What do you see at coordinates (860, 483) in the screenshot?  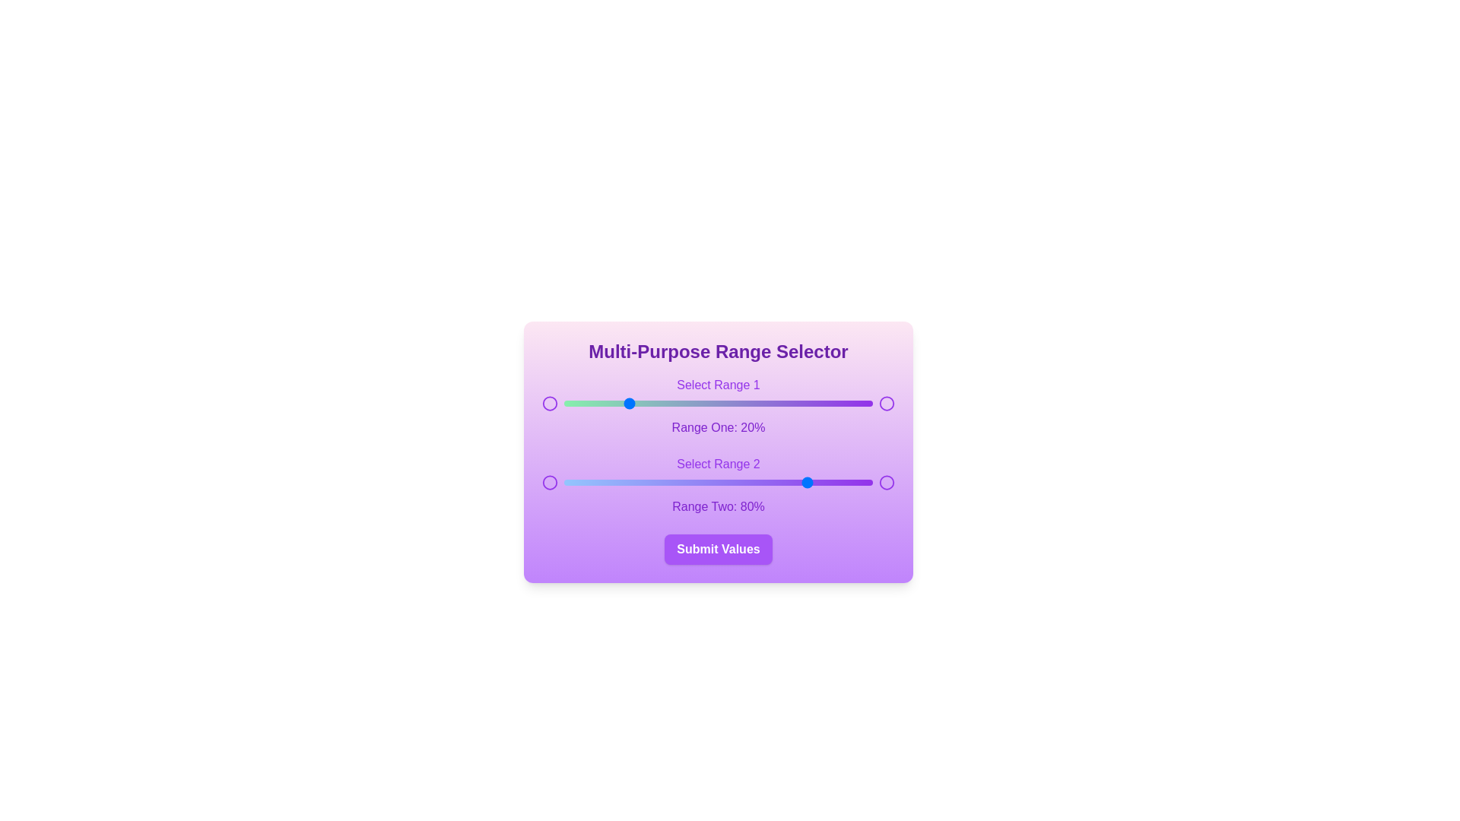 I see `the second range slider to 96%` at bounding box center [860, 483].